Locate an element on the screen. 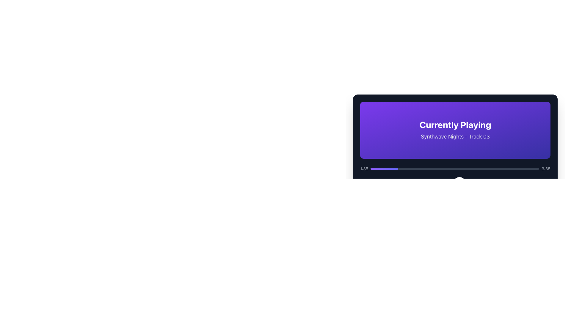 The image size is (571, 321). the play button located at the center of a horizontal layout of similar interactive elements below the progress bar is located at coordinates (459, 183).